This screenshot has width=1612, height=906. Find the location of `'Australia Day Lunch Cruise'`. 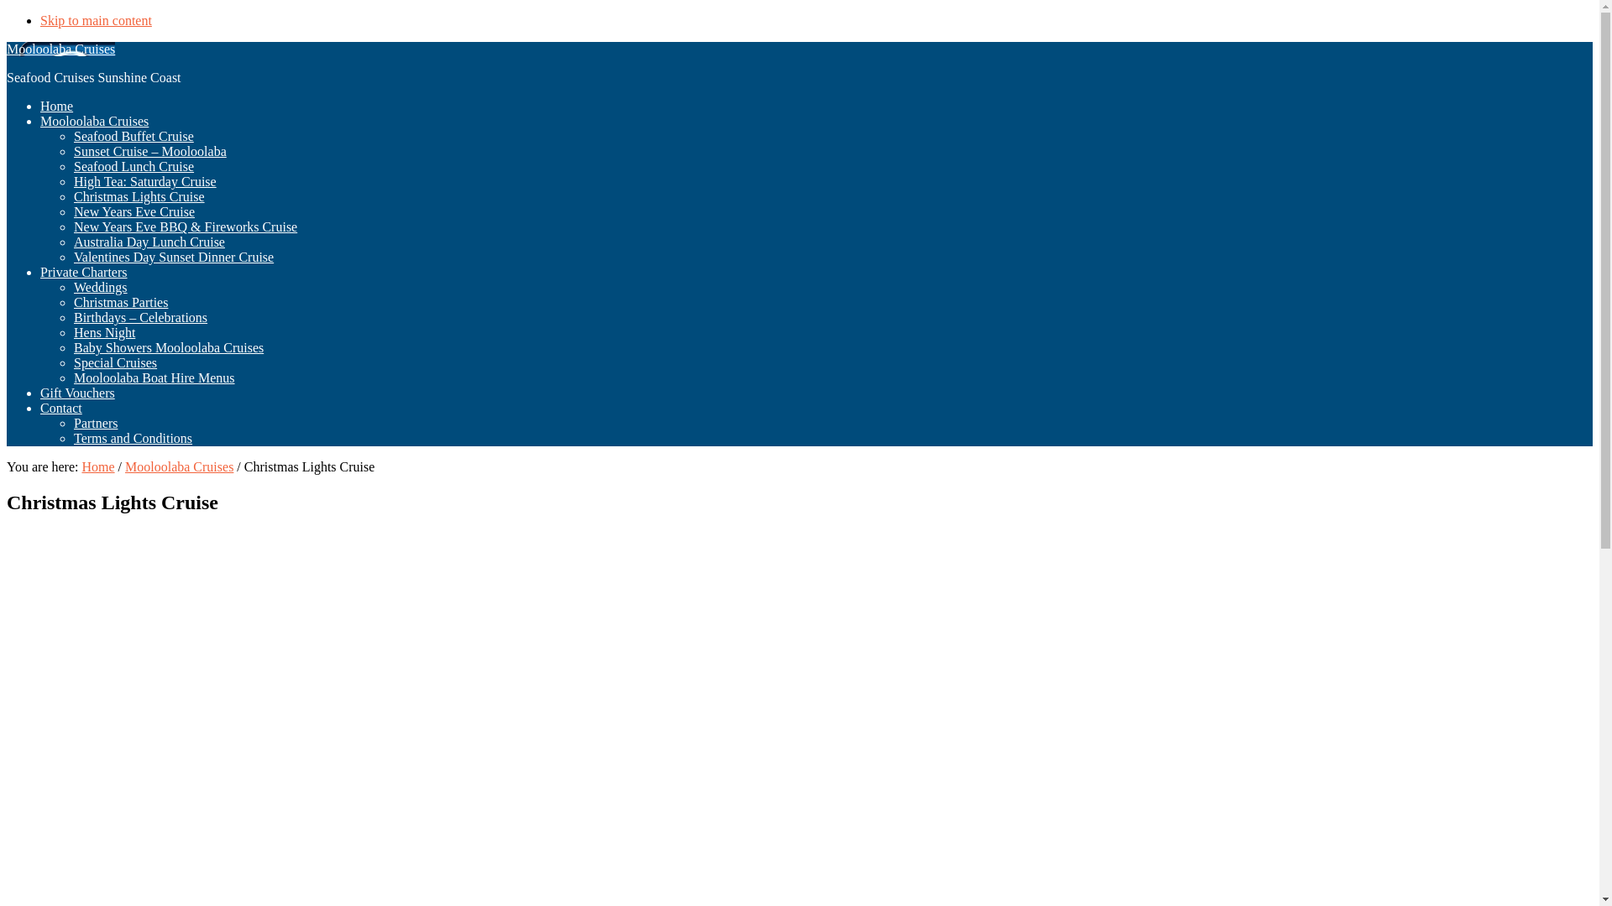

'Australia Day Lunch Cruise' is located at coordinates (72, 242).